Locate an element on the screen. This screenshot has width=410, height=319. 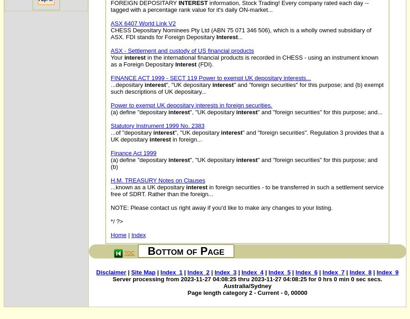
'CHESS Depositary Nominees Pty Ltd (ABN 75 071 346 506), which is a wholly owned subsidiary of ASX.  FDI stands for Foreign Depositary' is located at coordinates (241, 33).